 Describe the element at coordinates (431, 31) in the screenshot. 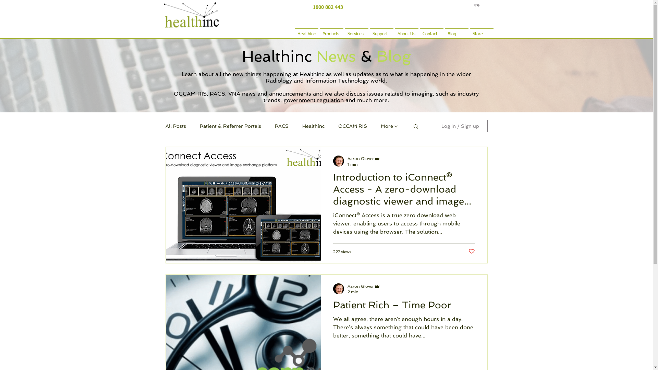

I see `'Contact'` at that location.